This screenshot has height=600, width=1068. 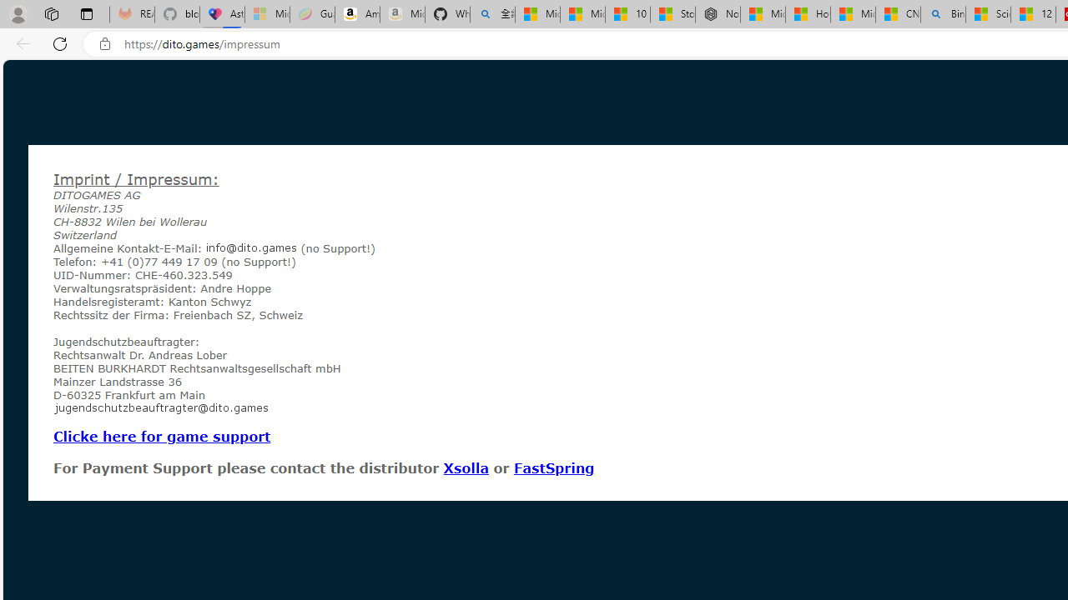 What do you see at coordinates (673, 14) in the screenshot?
I see `'Stocks - MSN'` at bounding box center [673, 14].